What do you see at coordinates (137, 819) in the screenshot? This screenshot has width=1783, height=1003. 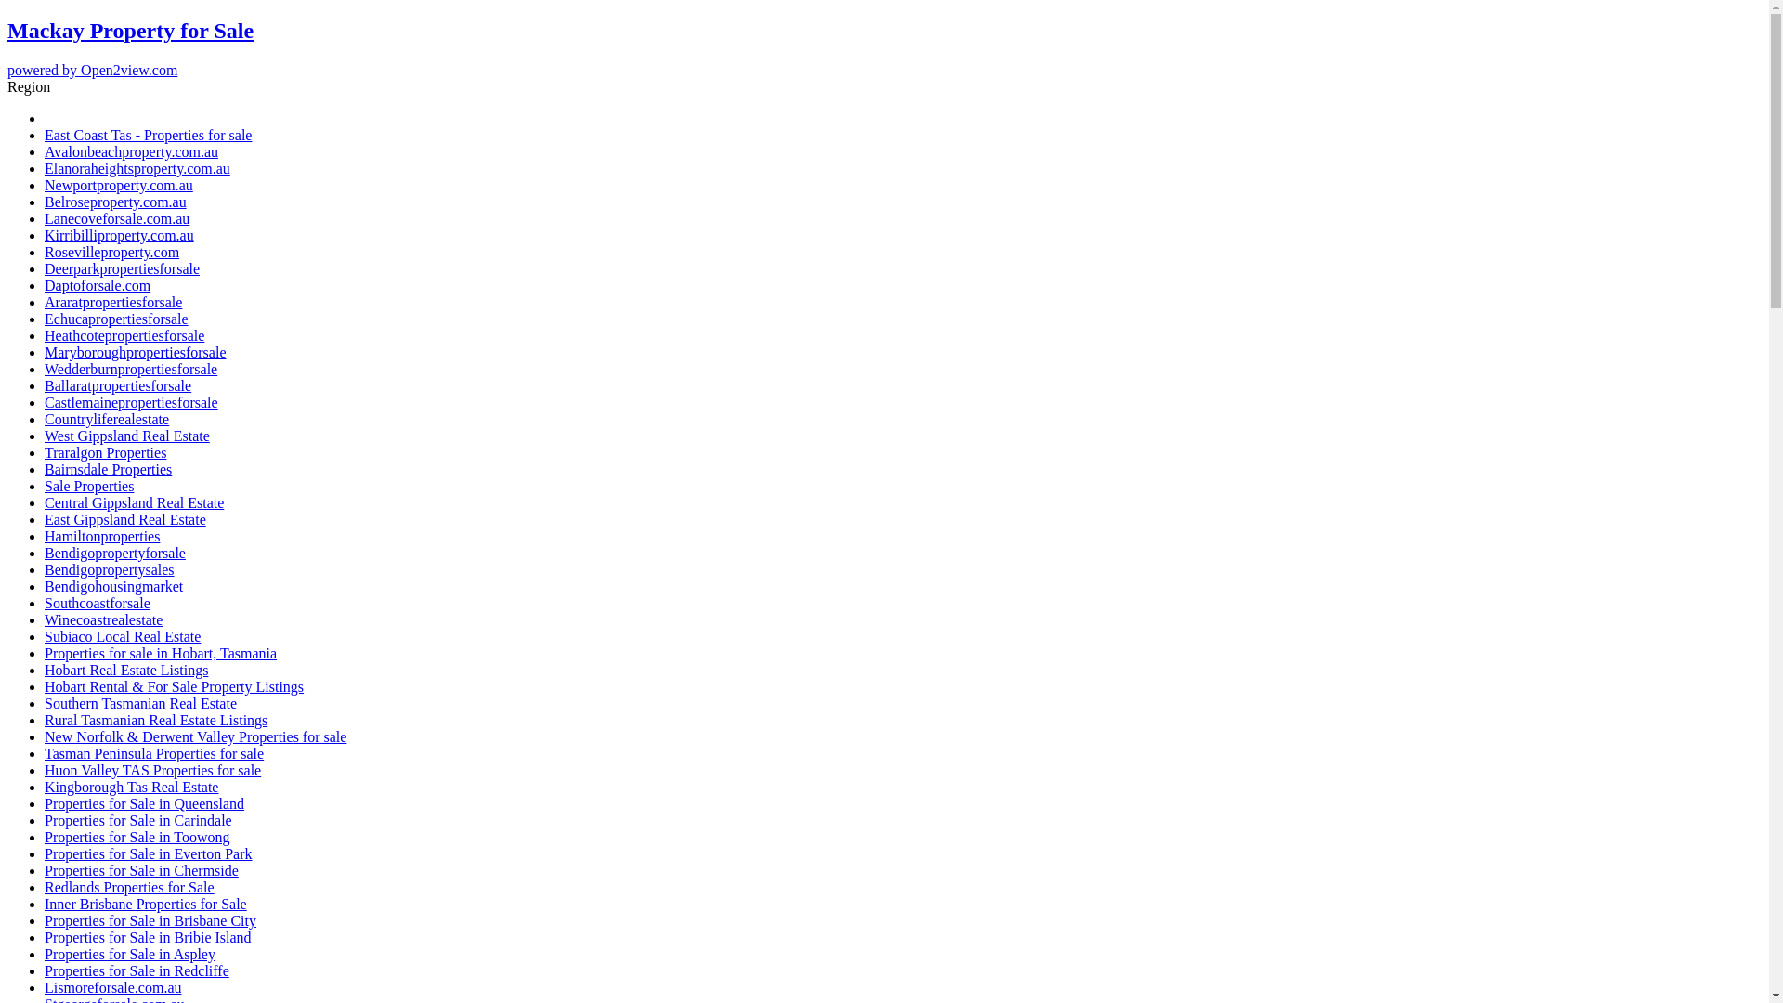 I see `'Properties for Sale in Carindale'` at bounding box center [137, 819].